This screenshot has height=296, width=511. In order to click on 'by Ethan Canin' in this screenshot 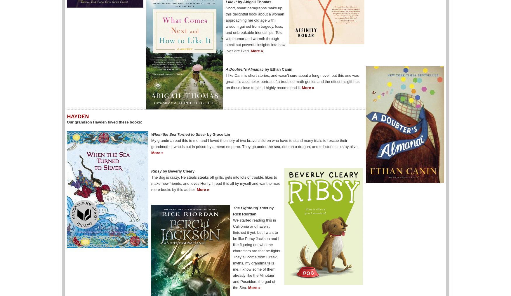, I will do `click(278, 69)`.